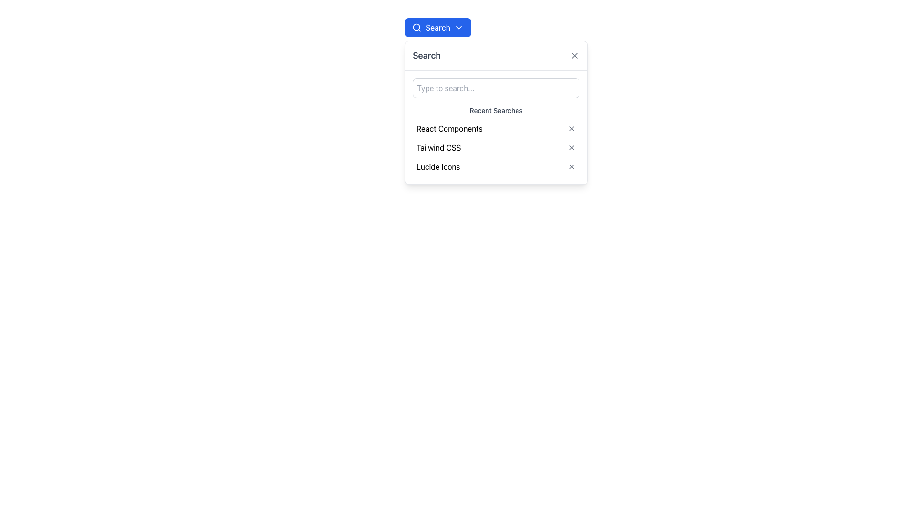  What do you see at coordinates (458, 27) in the screenshot?
I see `the downward-pointing chevron icon within the 'Search' button` at bounding box center [458, 27].